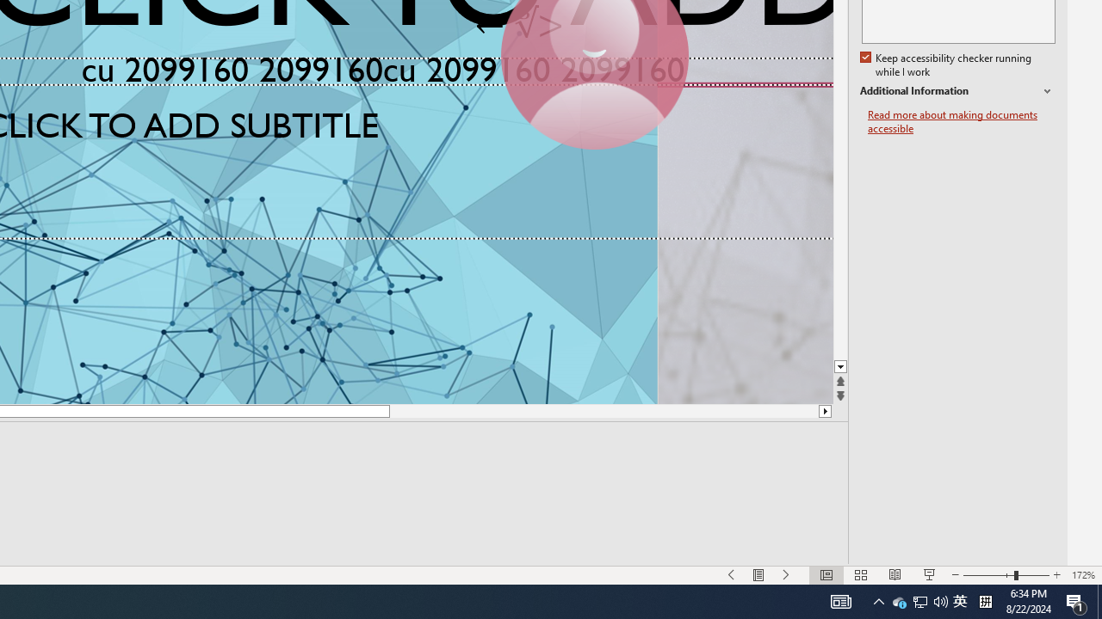  What do you see at coordinates (1082, 575) in the screenshot?
I see `'Zoom 172%'` at bounding box center [1082, 575].